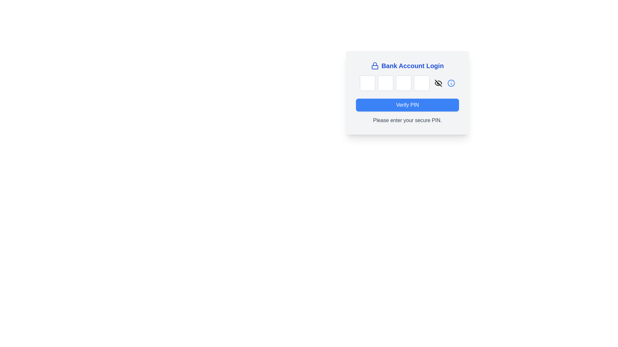  What do you see at coordinates (451, 83) in the screenshot?
I see `the circular blue-highlighted icon button located at the far-right end of the PIN entry section` at bounding box center [451, 83].